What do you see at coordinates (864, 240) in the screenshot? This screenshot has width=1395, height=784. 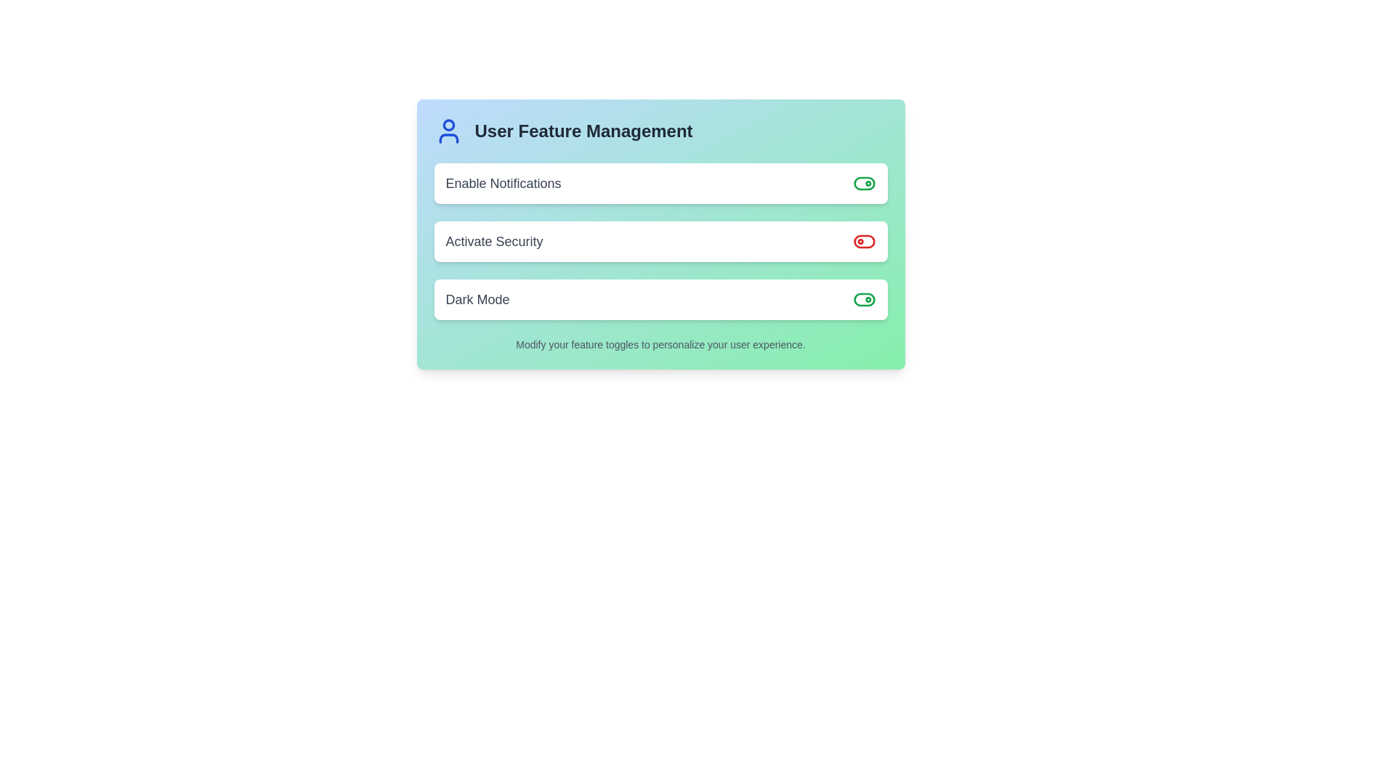 I see `the background of the toggle switch located to the right of the 'Activate Security' option` at bounding box center [864, 240].